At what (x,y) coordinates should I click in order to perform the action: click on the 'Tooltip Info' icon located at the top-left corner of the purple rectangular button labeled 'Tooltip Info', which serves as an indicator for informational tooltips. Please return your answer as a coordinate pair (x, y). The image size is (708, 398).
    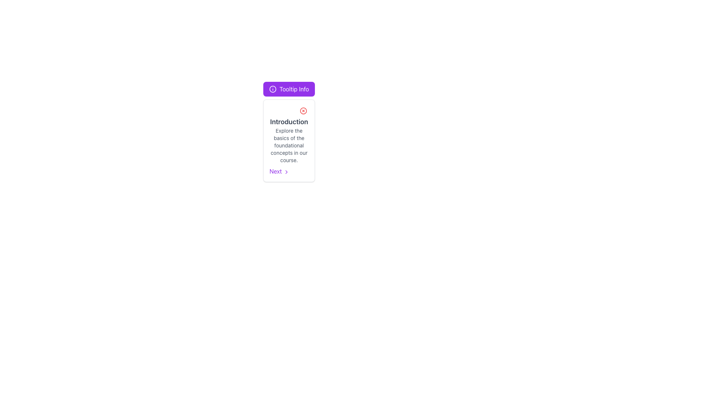
    Looking at the image, I should click on (272, 89).